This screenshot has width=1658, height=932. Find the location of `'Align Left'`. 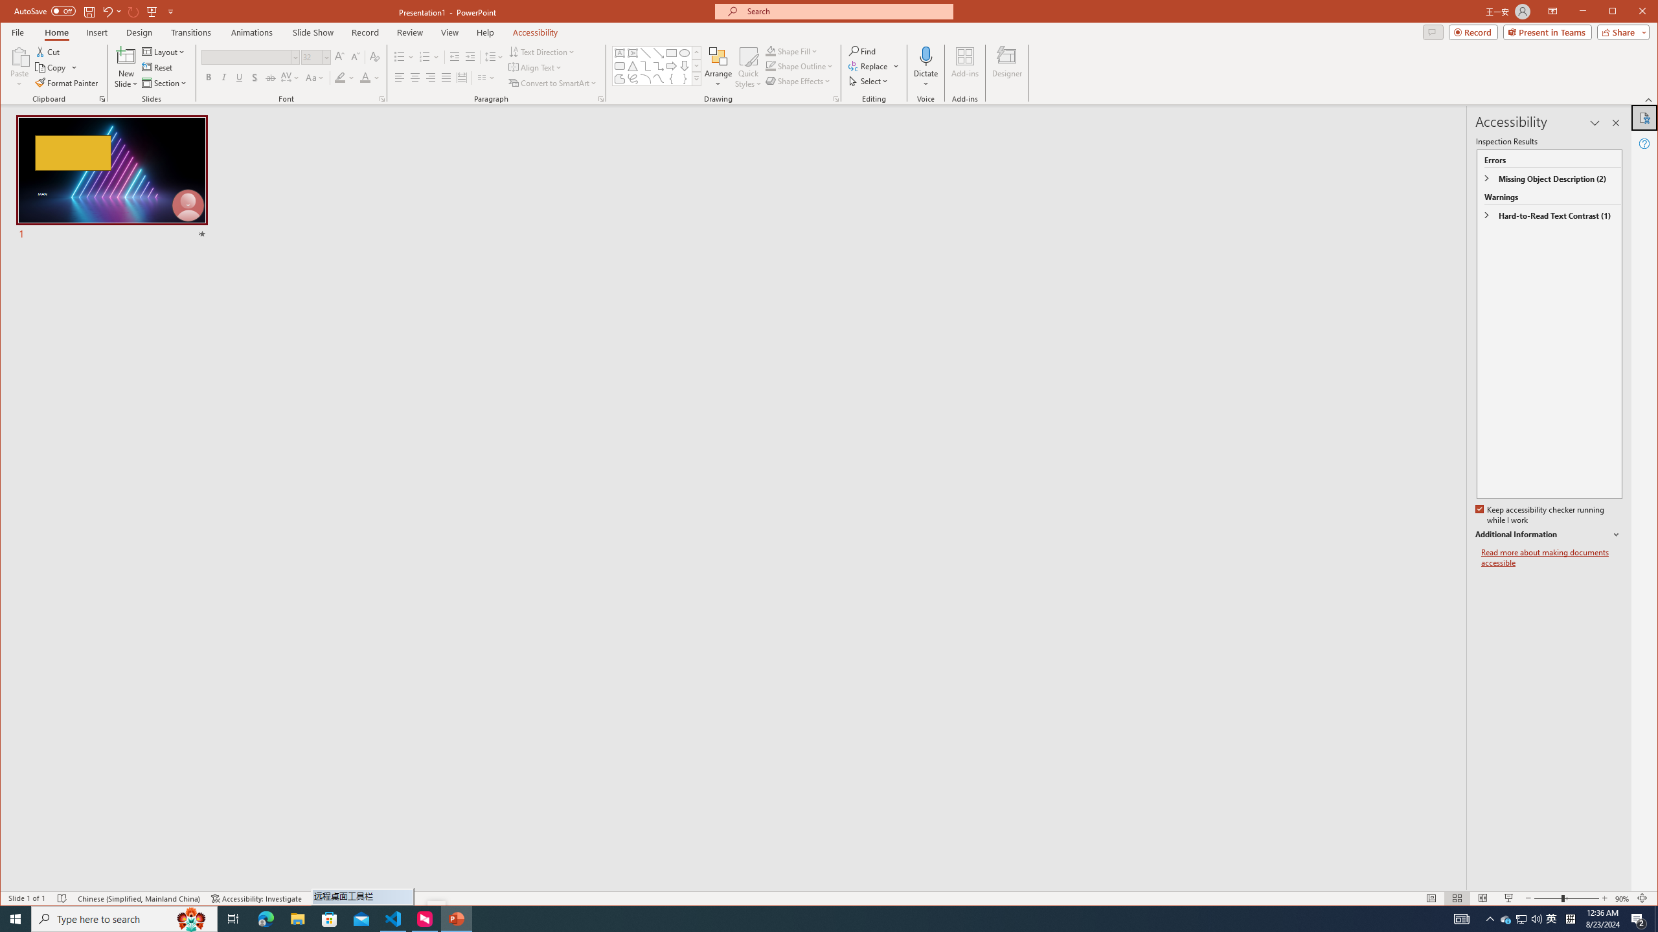

'Align Left' is located at coordinates (398, 77).